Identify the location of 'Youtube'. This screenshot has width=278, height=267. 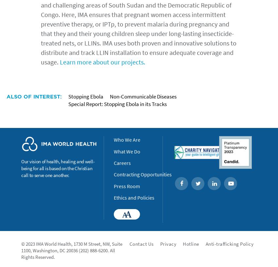
(237, 184).